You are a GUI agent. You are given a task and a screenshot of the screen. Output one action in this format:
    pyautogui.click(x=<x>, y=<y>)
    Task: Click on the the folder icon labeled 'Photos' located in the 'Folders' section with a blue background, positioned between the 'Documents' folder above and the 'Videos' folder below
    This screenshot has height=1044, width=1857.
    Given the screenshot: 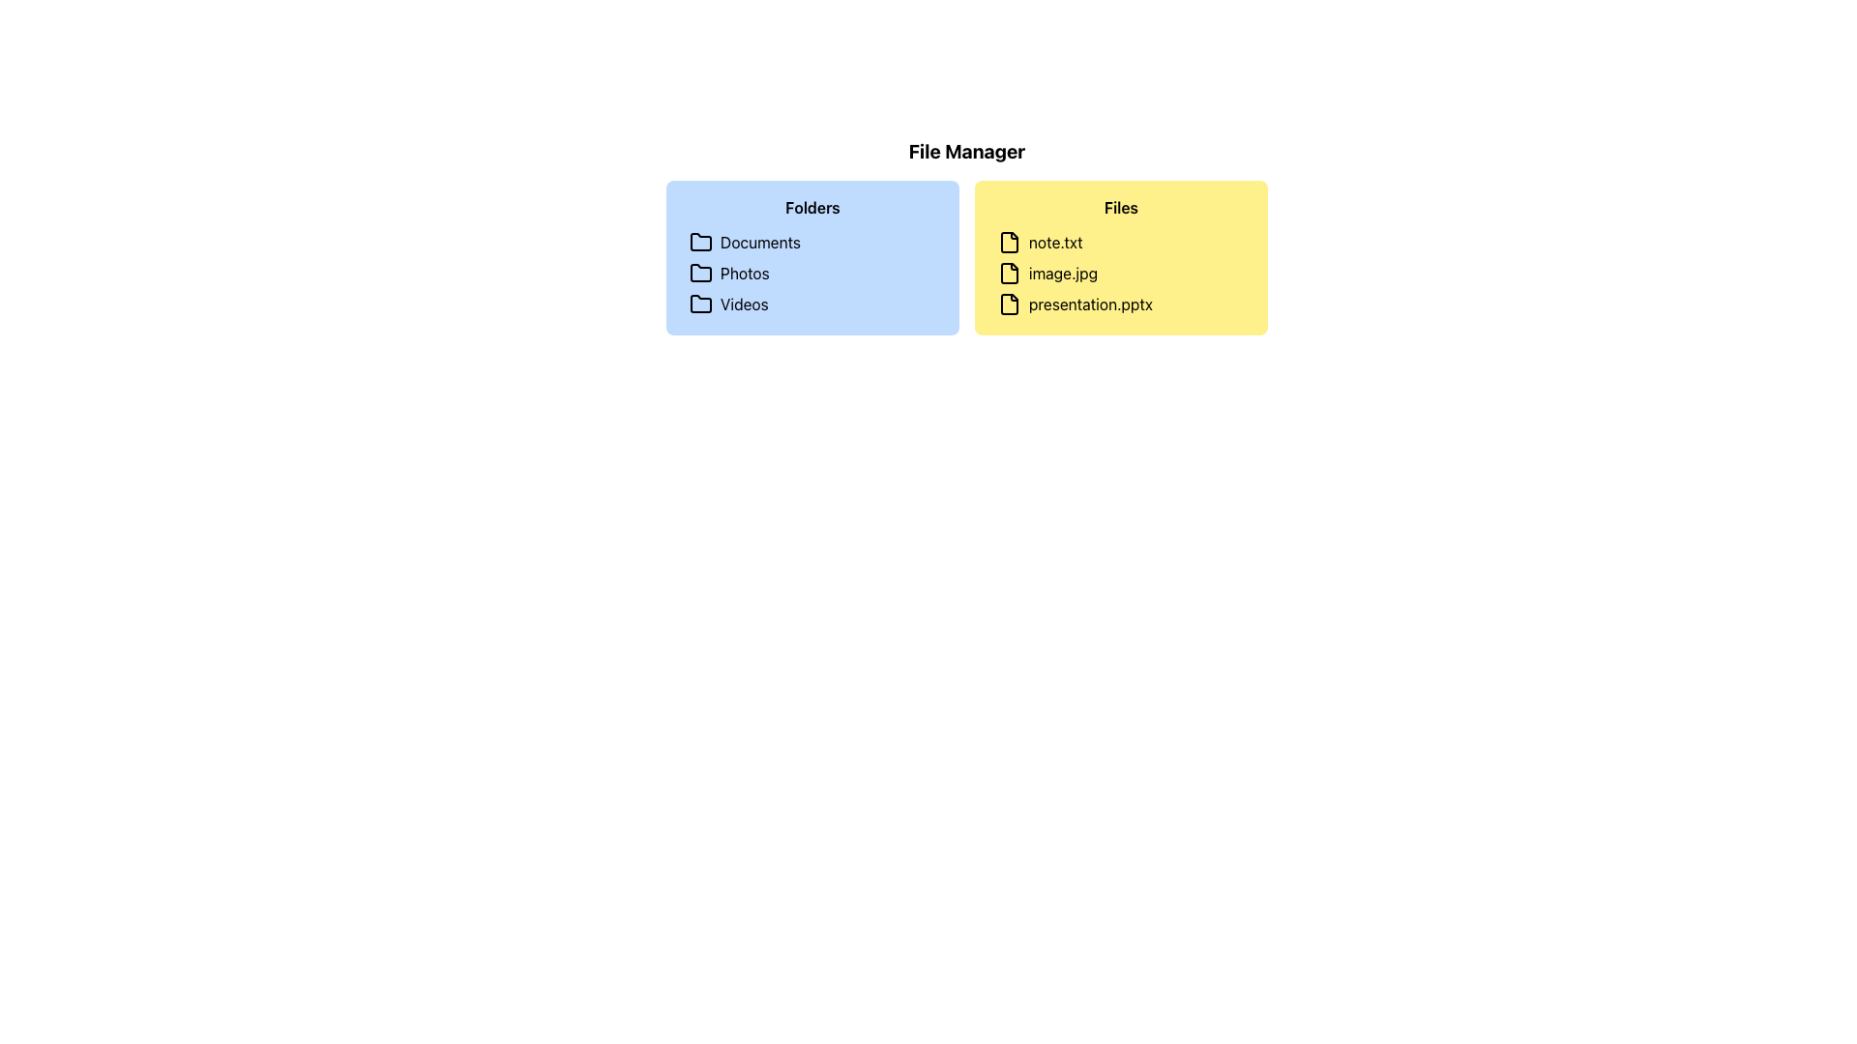 What is the action you would take?
    pyautogui.click(x=699, y=273)
    